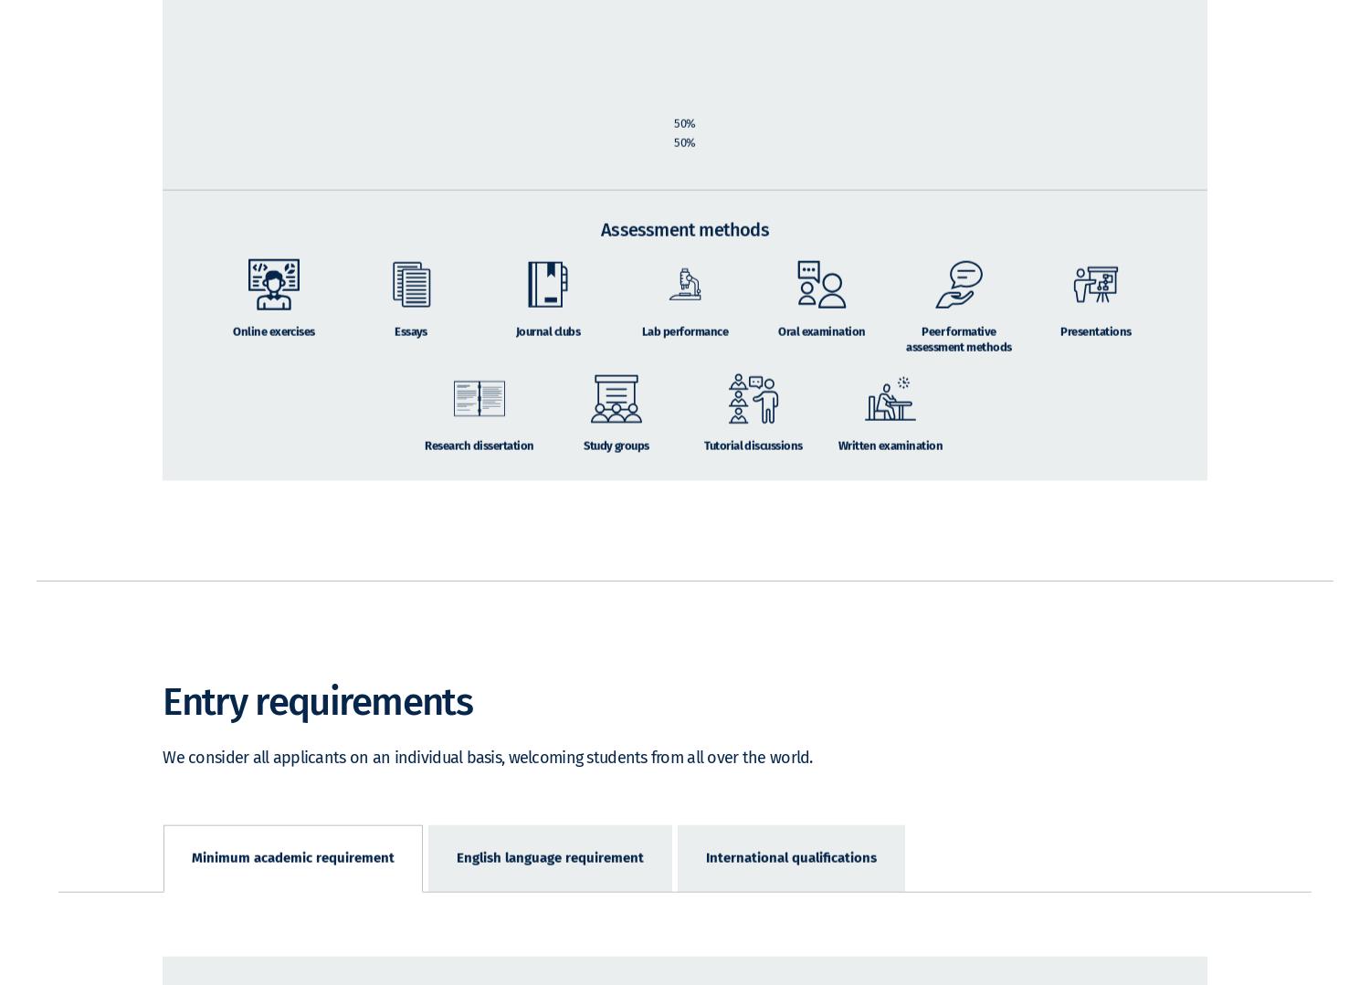 The width and height of the screenshot is (1370, 985). I want to click on 'Peer formative assessment methods', so click(958, 363).